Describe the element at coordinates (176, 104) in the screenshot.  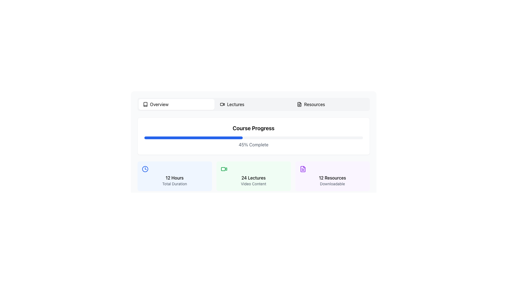
I see `the 'Overview' navigation button, which is the first clickable item in a horizontal button group at the top of the interface` at that location.